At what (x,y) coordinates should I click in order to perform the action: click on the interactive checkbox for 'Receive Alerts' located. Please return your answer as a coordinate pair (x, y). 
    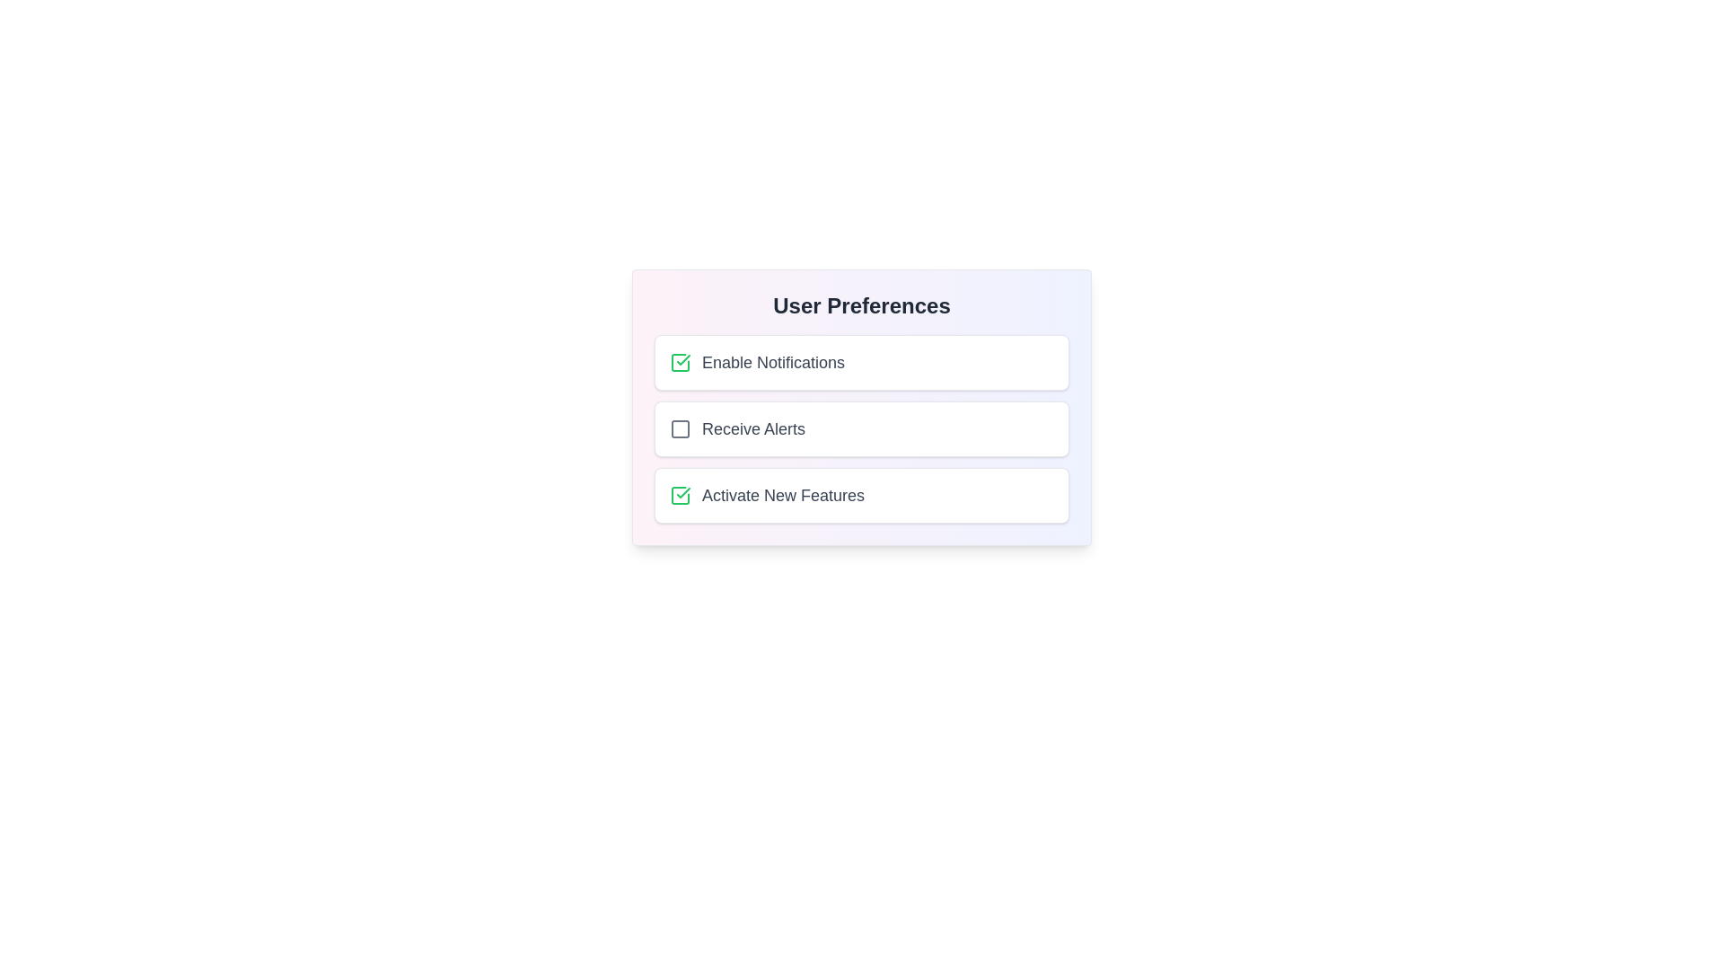
    Looking at the image, I should click on (680, 429).